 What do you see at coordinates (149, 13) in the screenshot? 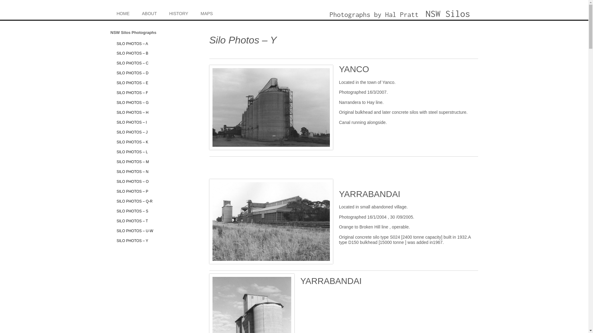
I see `'ABOUT'` at bounding box center [149, 13].